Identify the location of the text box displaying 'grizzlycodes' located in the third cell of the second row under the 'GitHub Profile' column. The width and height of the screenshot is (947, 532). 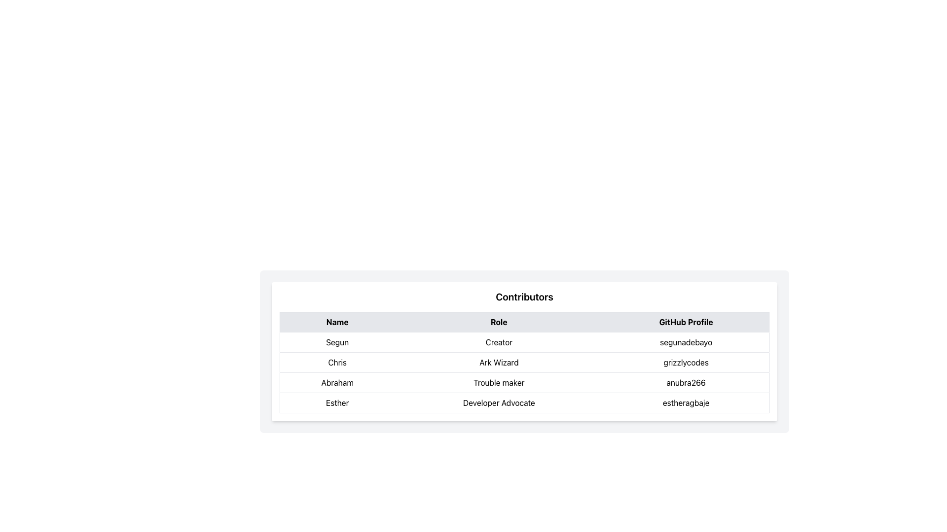
(686, 363).